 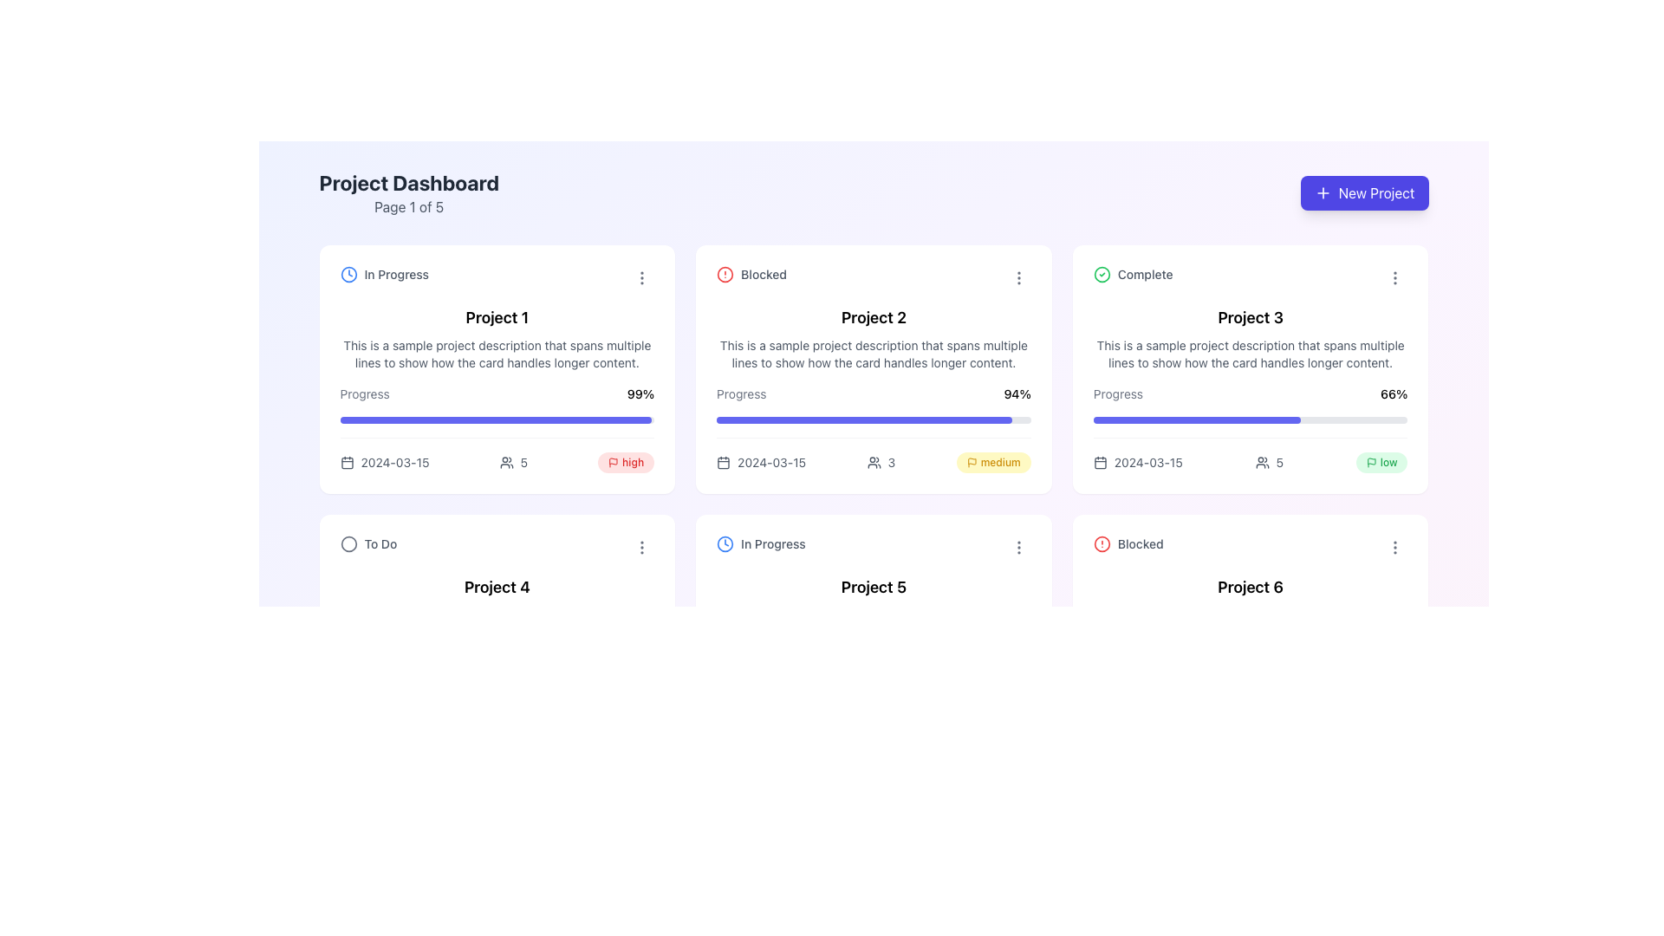 What do you see at coordinates (1018, 548) in the screenshot?
I see `the interactive button represented by three vertical dots in the top-right corner of the 'Project 5' card` at bounding box center [1018, 548].